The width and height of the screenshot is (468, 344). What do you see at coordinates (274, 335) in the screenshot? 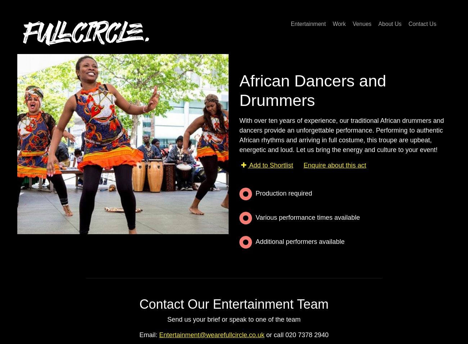
I see `'or call'` at bounding box center [274, 335].